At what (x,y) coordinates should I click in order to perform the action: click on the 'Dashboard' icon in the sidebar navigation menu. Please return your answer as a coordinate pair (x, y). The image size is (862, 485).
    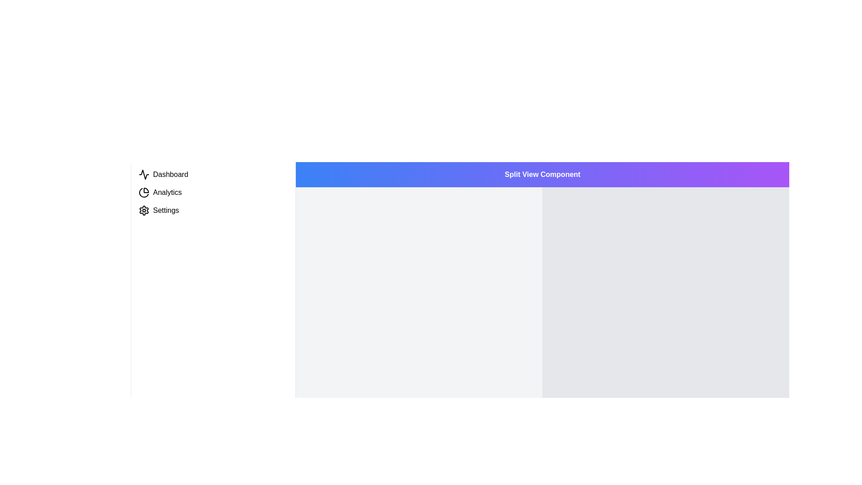
    Looking at the image, I should click on (144, 175).